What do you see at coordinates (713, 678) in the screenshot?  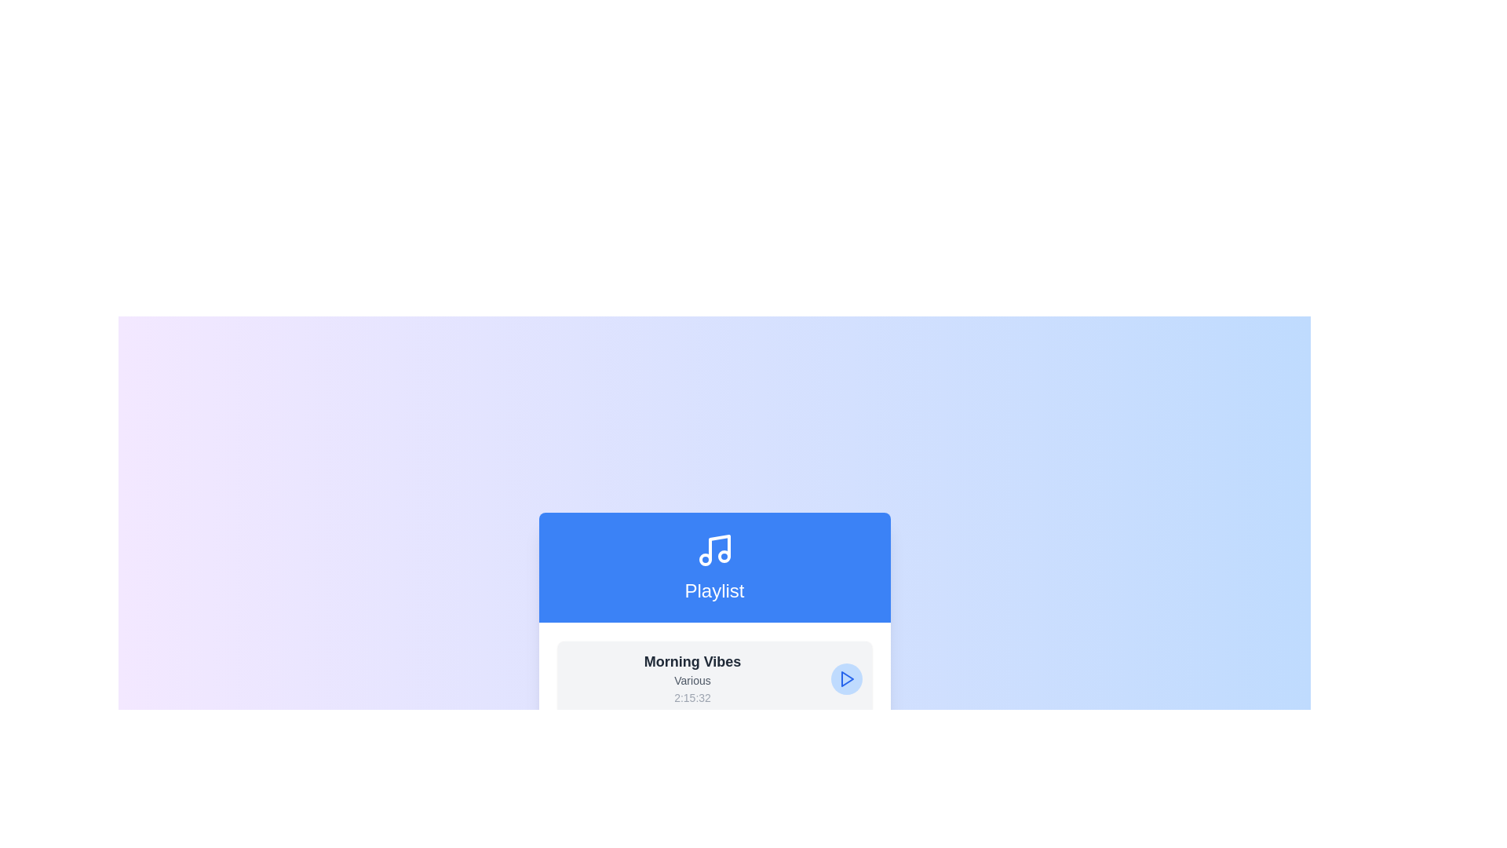 I see `the interactive list item card in the music playlist` at bounding box center [713, 678].